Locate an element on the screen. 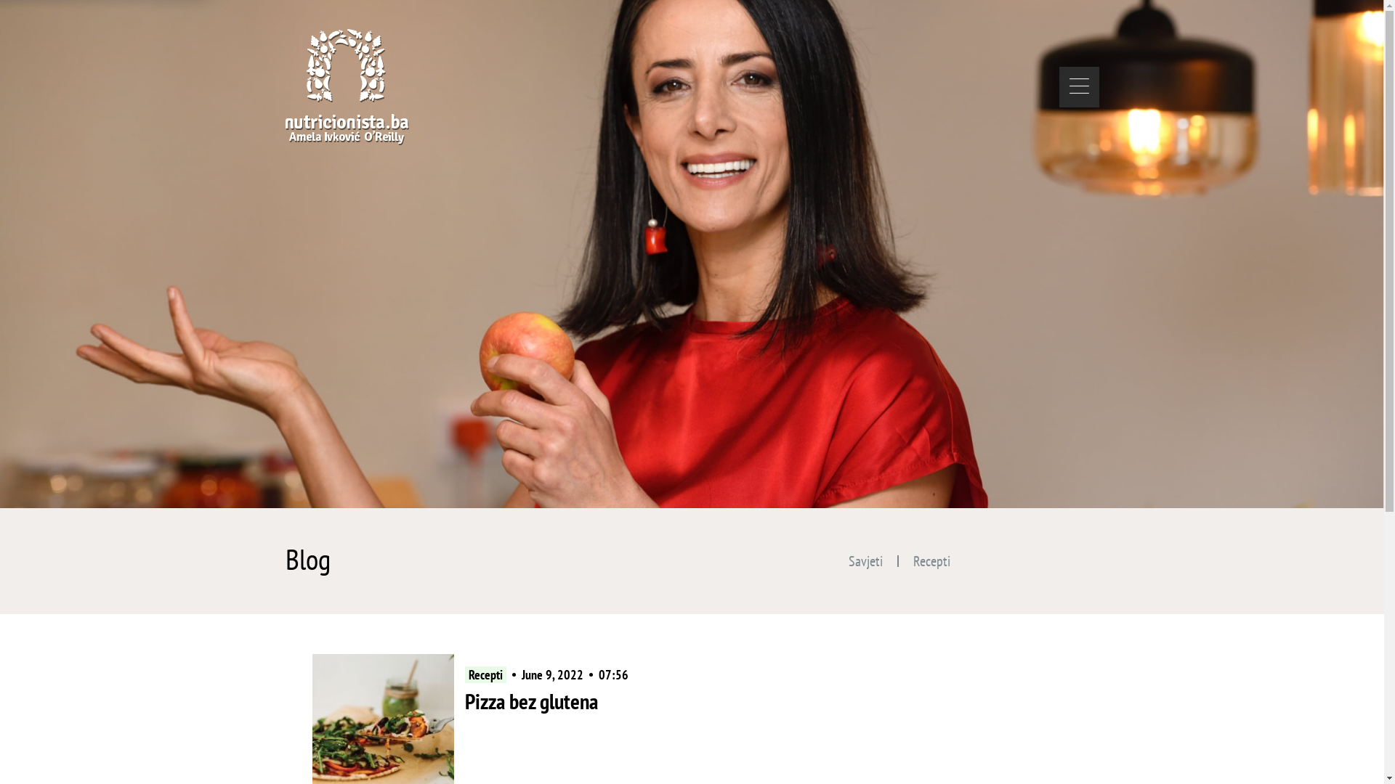 The width and height of the screenshot is (1395, 784). 'June 9, 2022' is located at coordinates (551, 674).